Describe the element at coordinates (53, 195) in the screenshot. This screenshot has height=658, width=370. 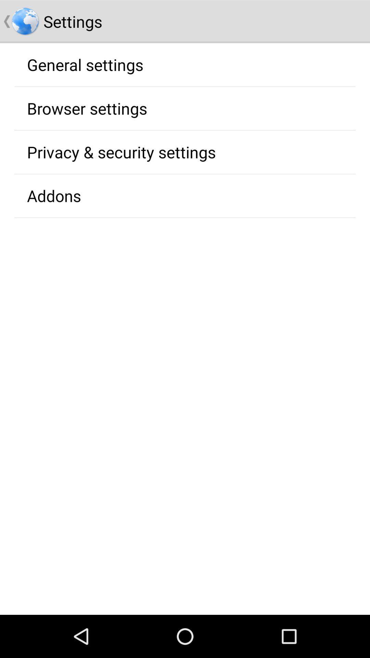
I see `addons item` at that location.